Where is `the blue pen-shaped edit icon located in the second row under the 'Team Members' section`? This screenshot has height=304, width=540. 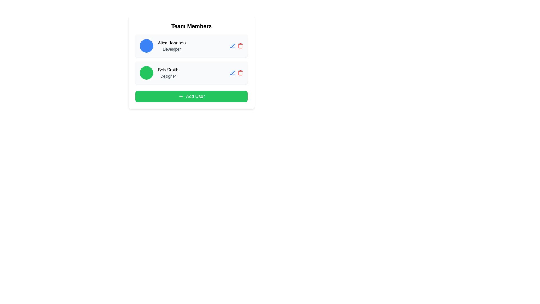
the blue pen-shaped edit icon located in the second row under the 'Team Members' section is located at coordinates (232, 45).